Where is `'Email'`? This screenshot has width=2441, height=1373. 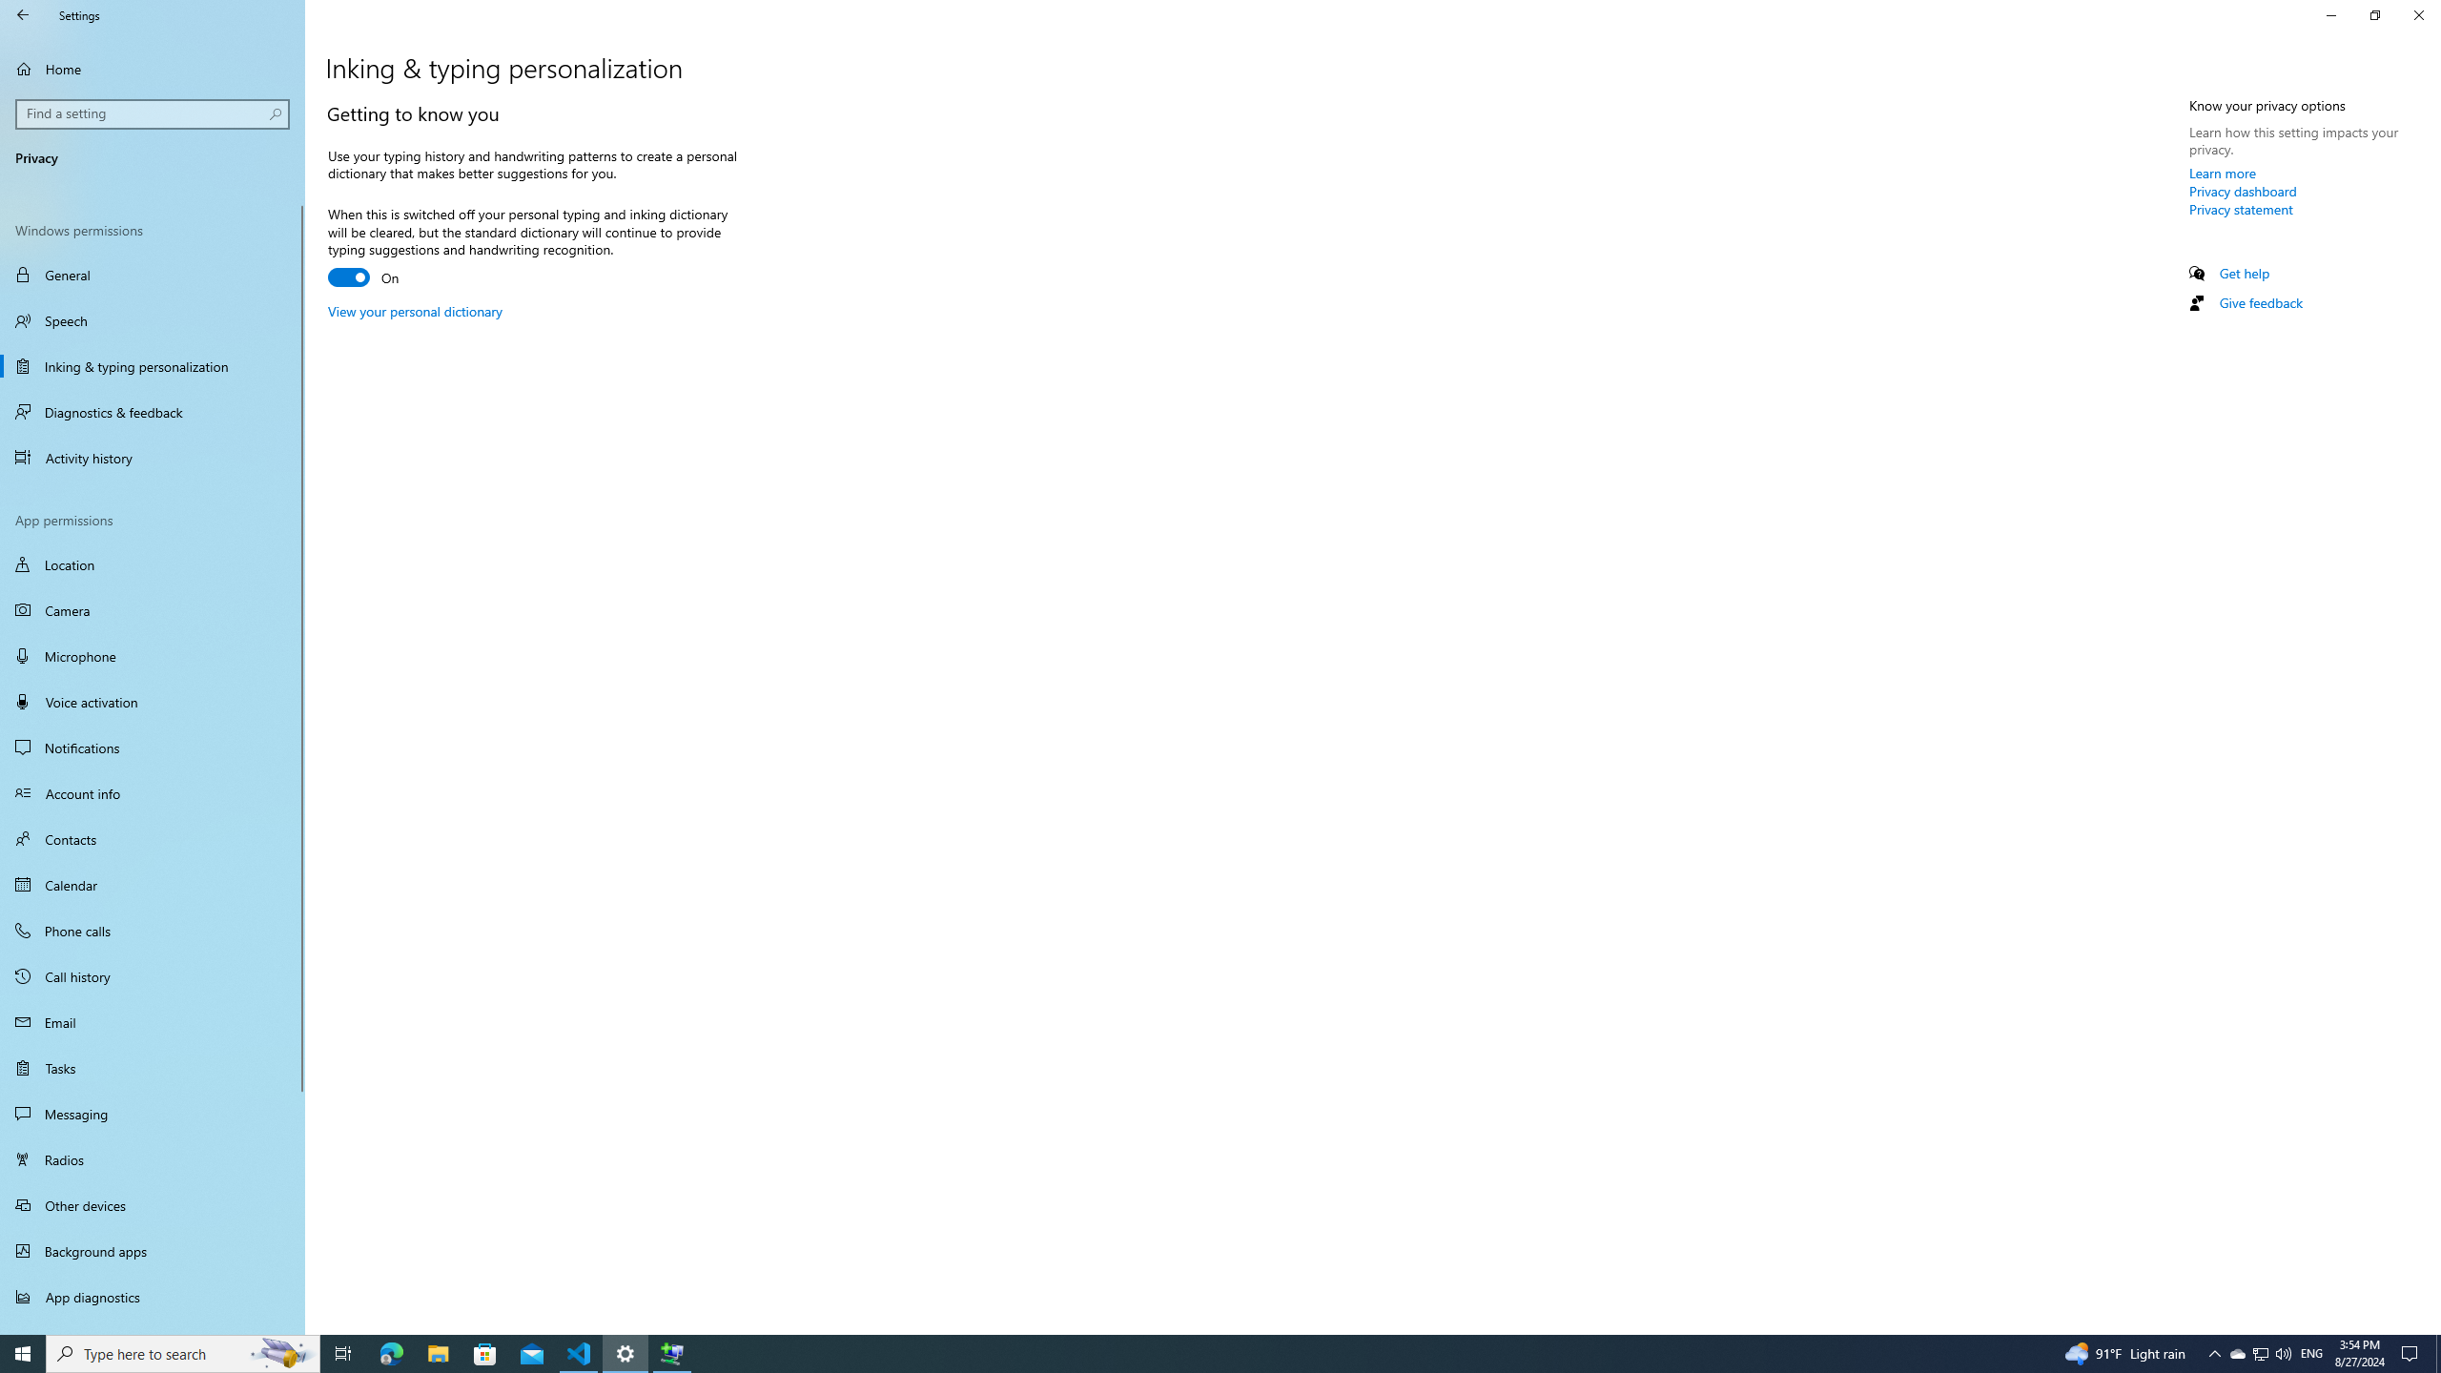
'Email' is located at coordinates (152, 1022).